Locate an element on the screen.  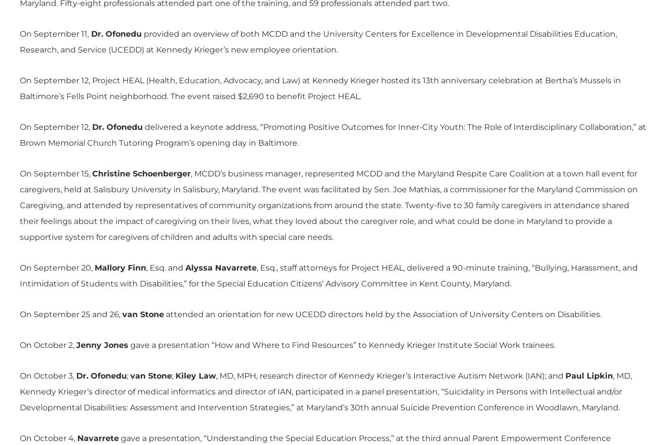
'Paul Lipkin' is located at coordinates (588, 376).